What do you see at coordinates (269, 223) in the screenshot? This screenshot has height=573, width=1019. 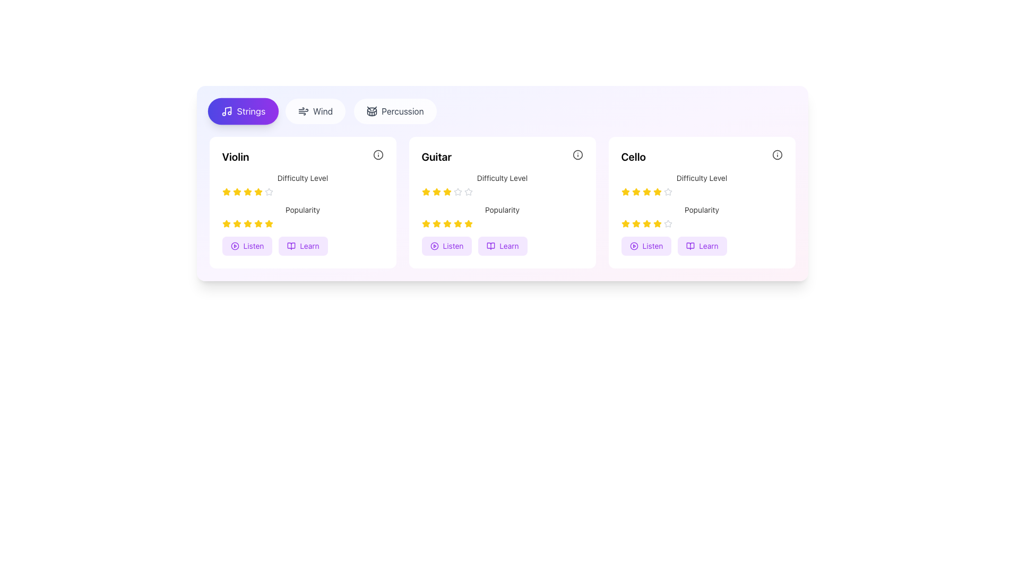 I see `the fifth star icon in the second row under the heading 'Popularity' within the 'Violin' card, which is the leftmost of three instrument cards` at bounding box center [269, 223].